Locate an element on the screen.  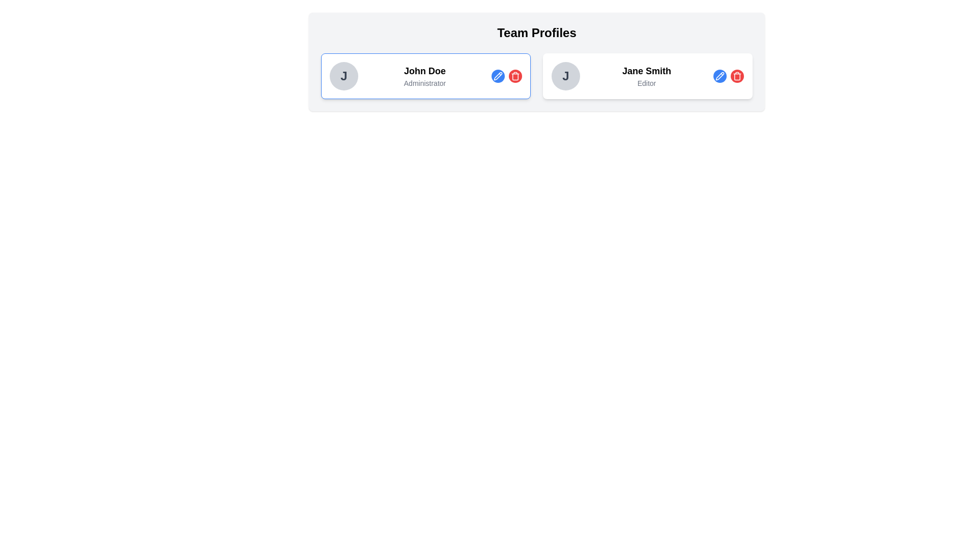
the text label displaying 'John Doe' in bold style, which is located above the smaller text 'Administrator' in the leftmost user profile card is located at coordinates (425, 70).